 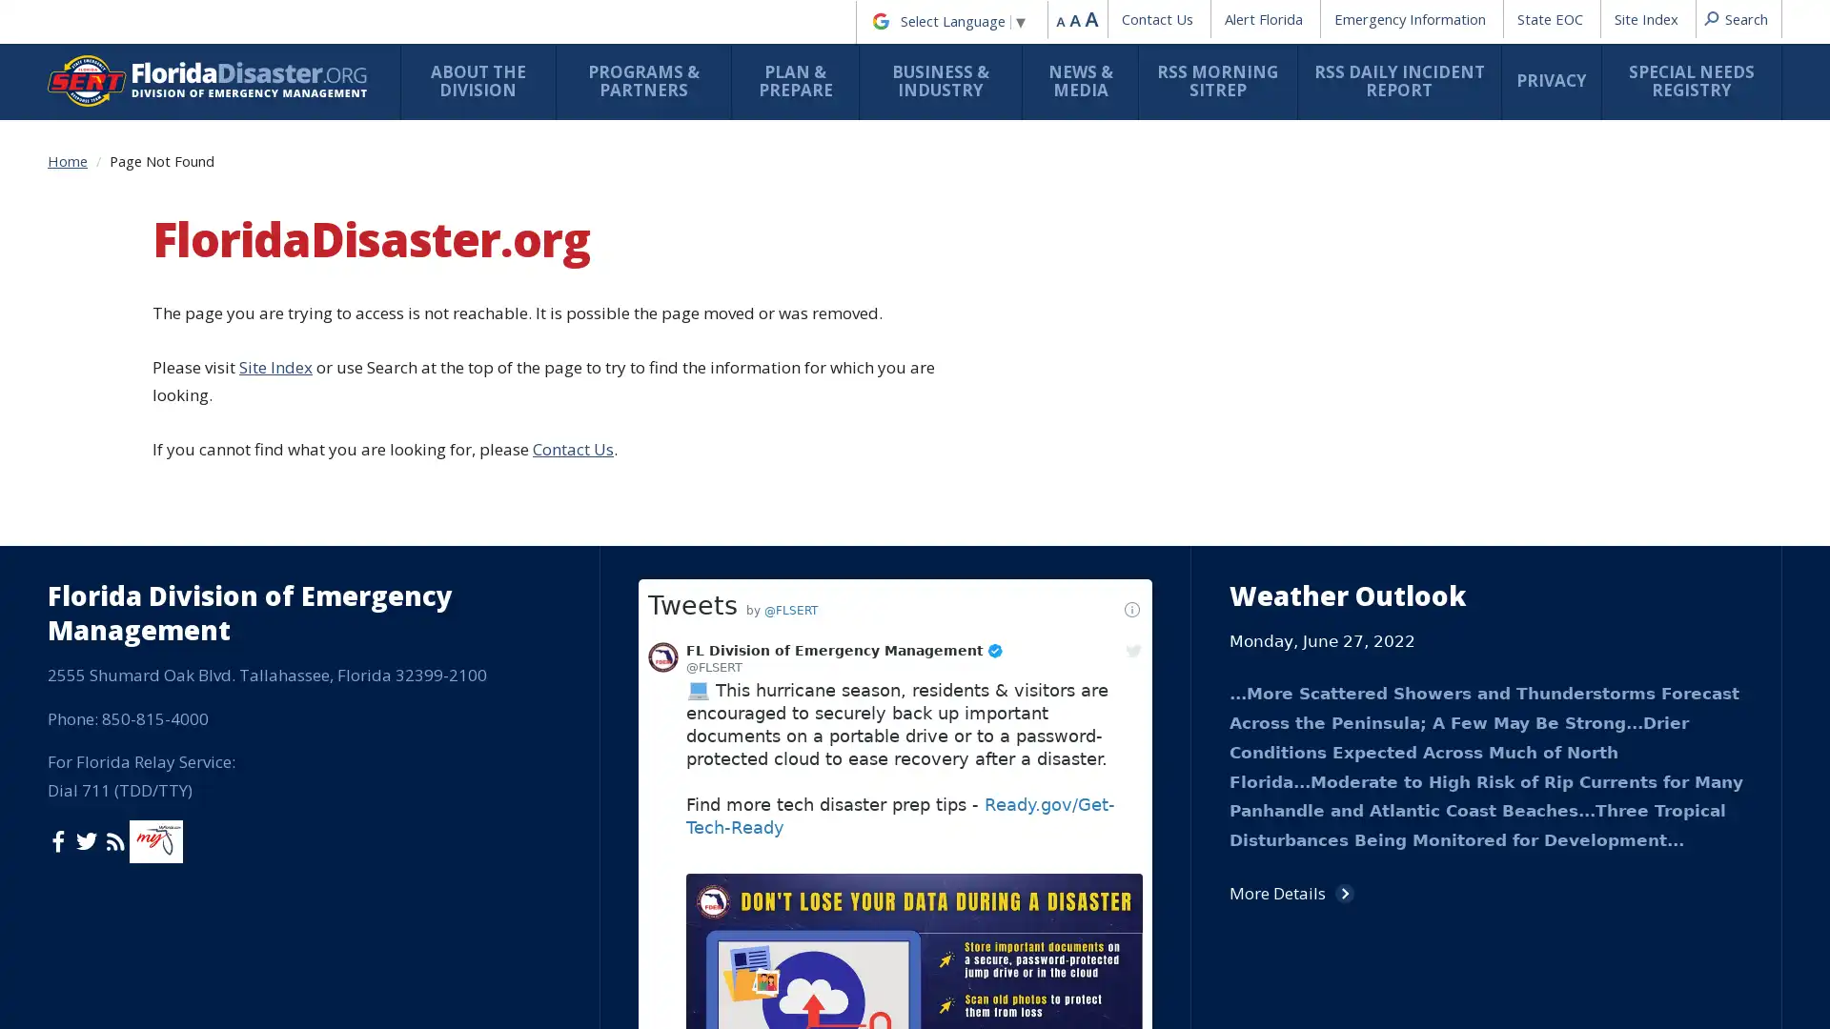 I want to click on Toggle More, so click(x=572, y=220).